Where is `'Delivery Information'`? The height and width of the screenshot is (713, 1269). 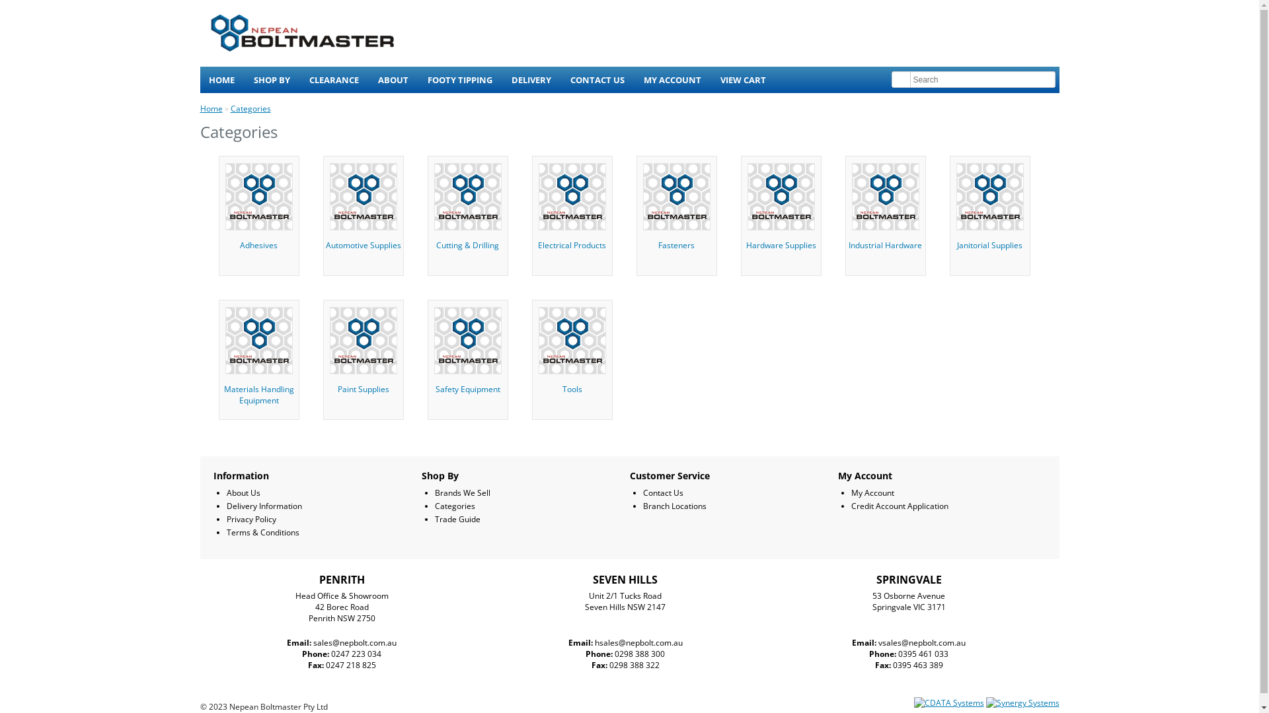 'Delivery Information' is located at coordinates (263, 505).